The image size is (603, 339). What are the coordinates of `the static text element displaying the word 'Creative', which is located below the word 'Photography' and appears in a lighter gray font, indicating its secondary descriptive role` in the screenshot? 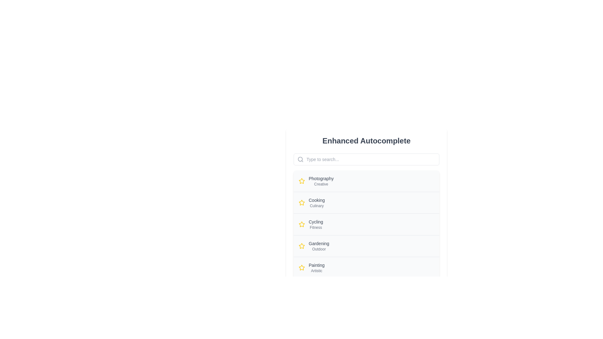 It's located at (321, 184).